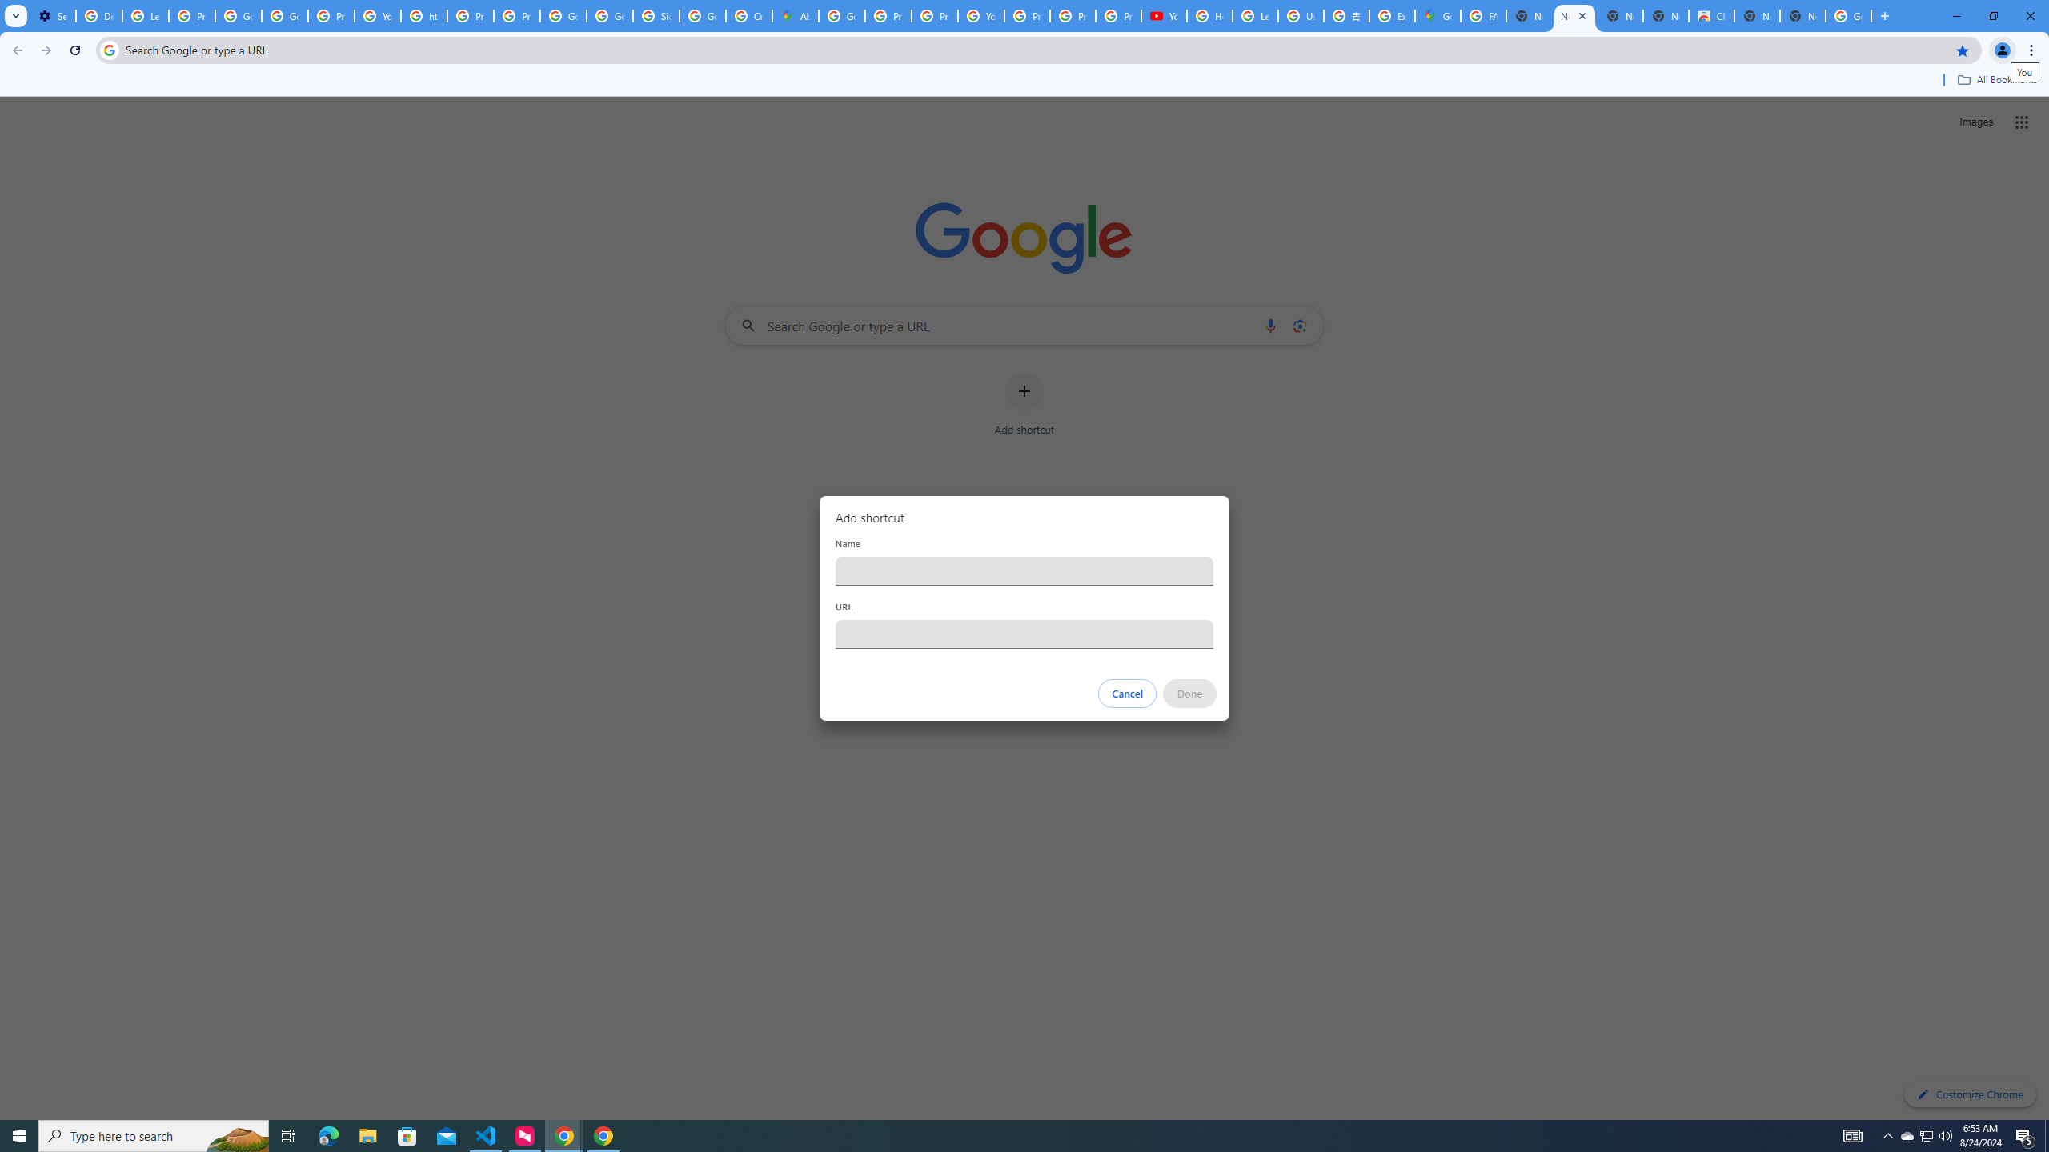 This screenshot has width=2049, height=1152. I want to click on 'Google Maps', so click(1436, 15).